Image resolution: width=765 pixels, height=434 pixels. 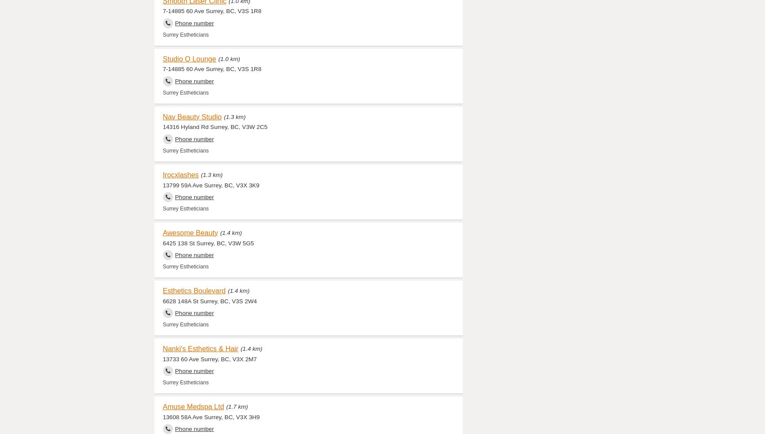 I want to click on '13608 58A Ave Surrey, BC, V3X 3H9', so click(x=211, y=416).